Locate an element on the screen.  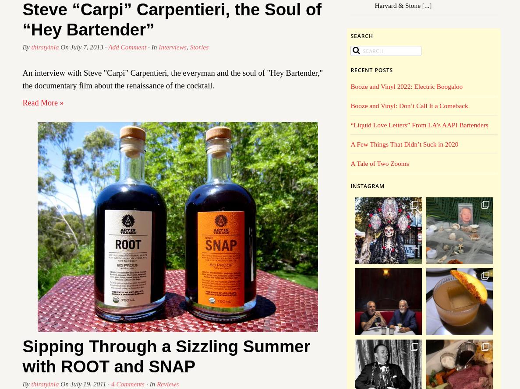
'Steve “Carpi” Carpentieri, the Soul of “Hey Bartender”' is located at coordinates (172, 19).